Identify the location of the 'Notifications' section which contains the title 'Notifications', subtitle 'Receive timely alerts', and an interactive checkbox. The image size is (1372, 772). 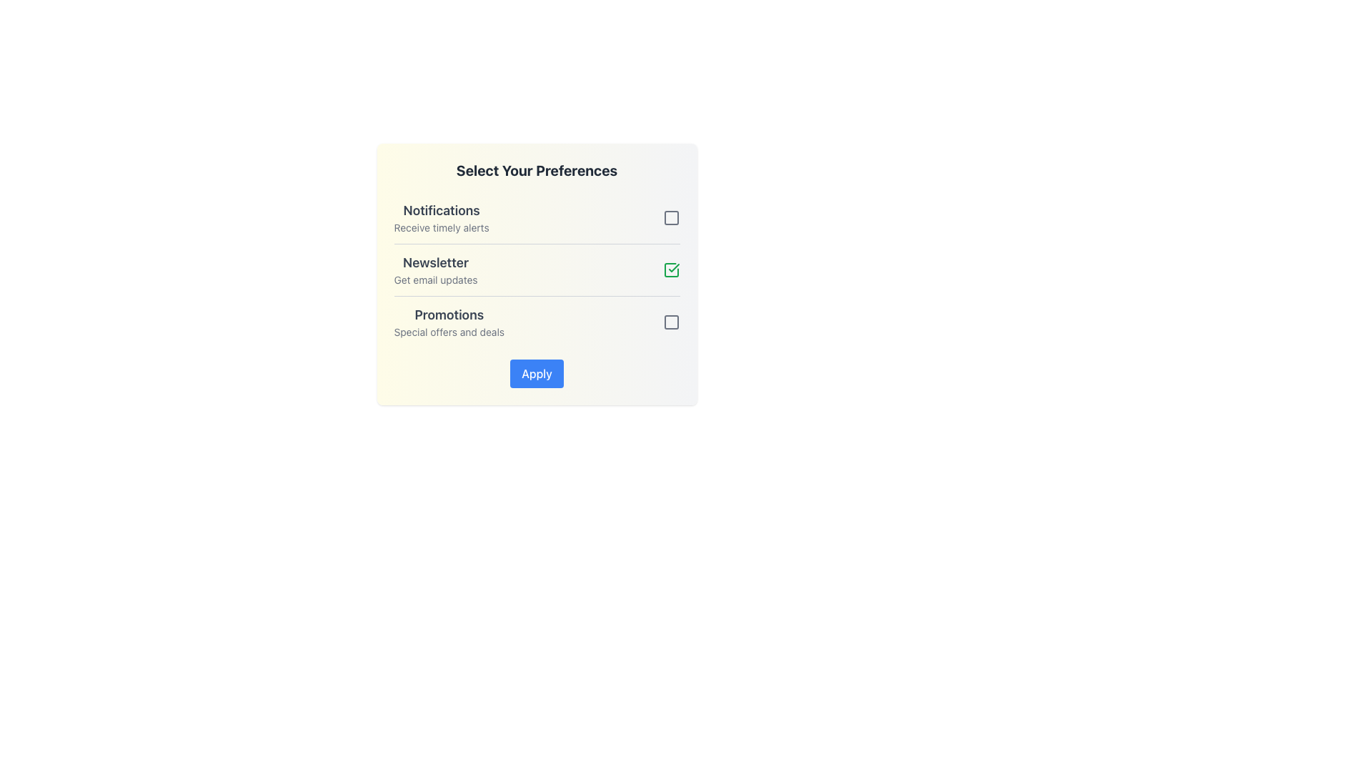
(536, 217).